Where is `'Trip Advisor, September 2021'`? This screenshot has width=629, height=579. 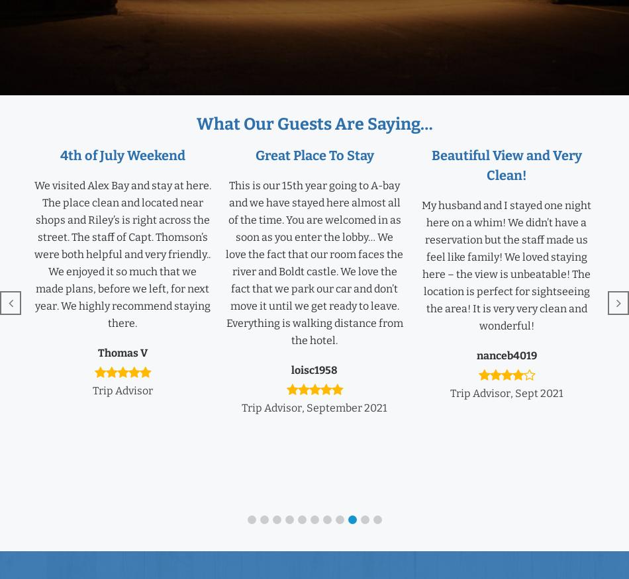
'Trip Advisor, September 2021' is located at coordinates (314, 408).